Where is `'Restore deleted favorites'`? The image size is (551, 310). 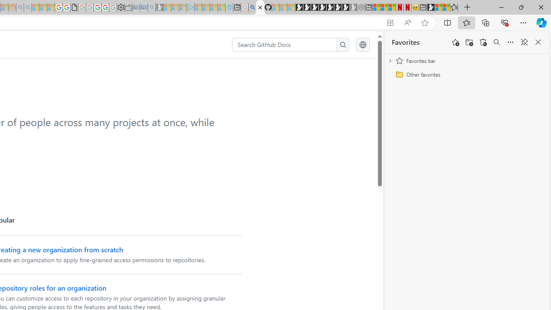 'Restore deleted favorites' is located at coordinates (483, 42).